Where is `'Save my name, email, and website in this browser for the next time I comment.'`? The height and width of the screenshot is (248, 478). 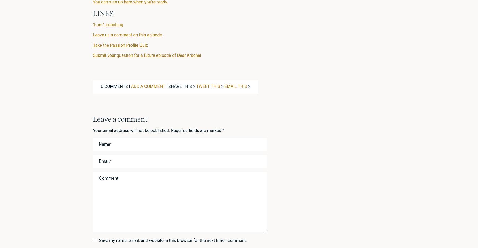 'Save my name, email, and website in this browser for the next time I comment.' is located at coordinates (173, 240).